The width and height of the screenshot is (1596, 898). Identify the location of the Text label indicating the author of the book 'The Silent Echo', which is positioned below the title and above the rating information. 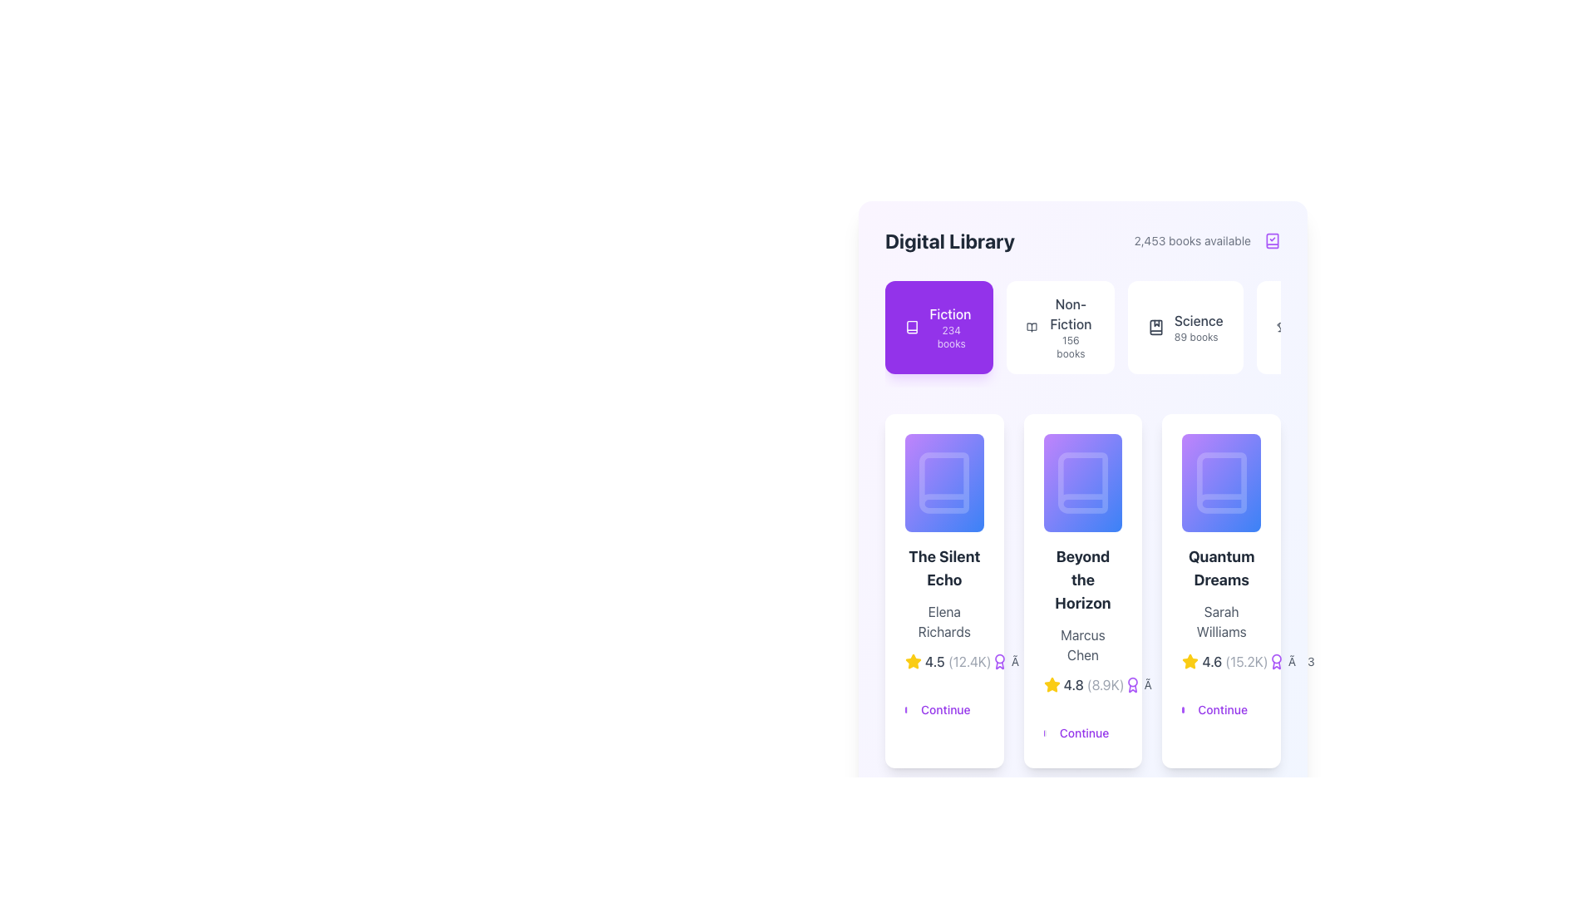
(944, 622).